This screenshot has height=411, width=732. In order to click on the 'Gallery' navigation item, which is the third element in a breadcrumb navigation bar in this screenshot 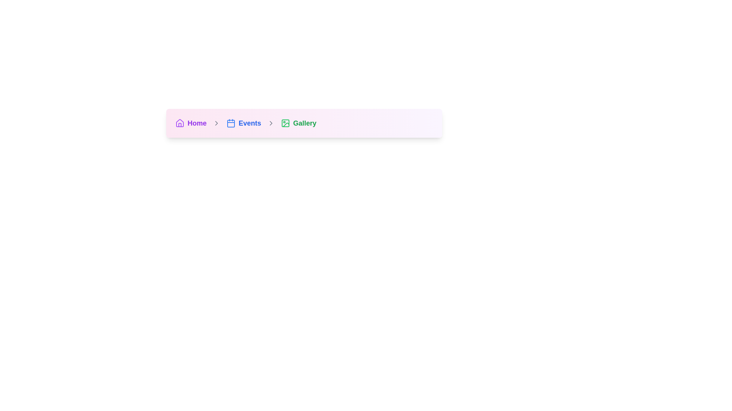, I will do `click(298, 123)`.